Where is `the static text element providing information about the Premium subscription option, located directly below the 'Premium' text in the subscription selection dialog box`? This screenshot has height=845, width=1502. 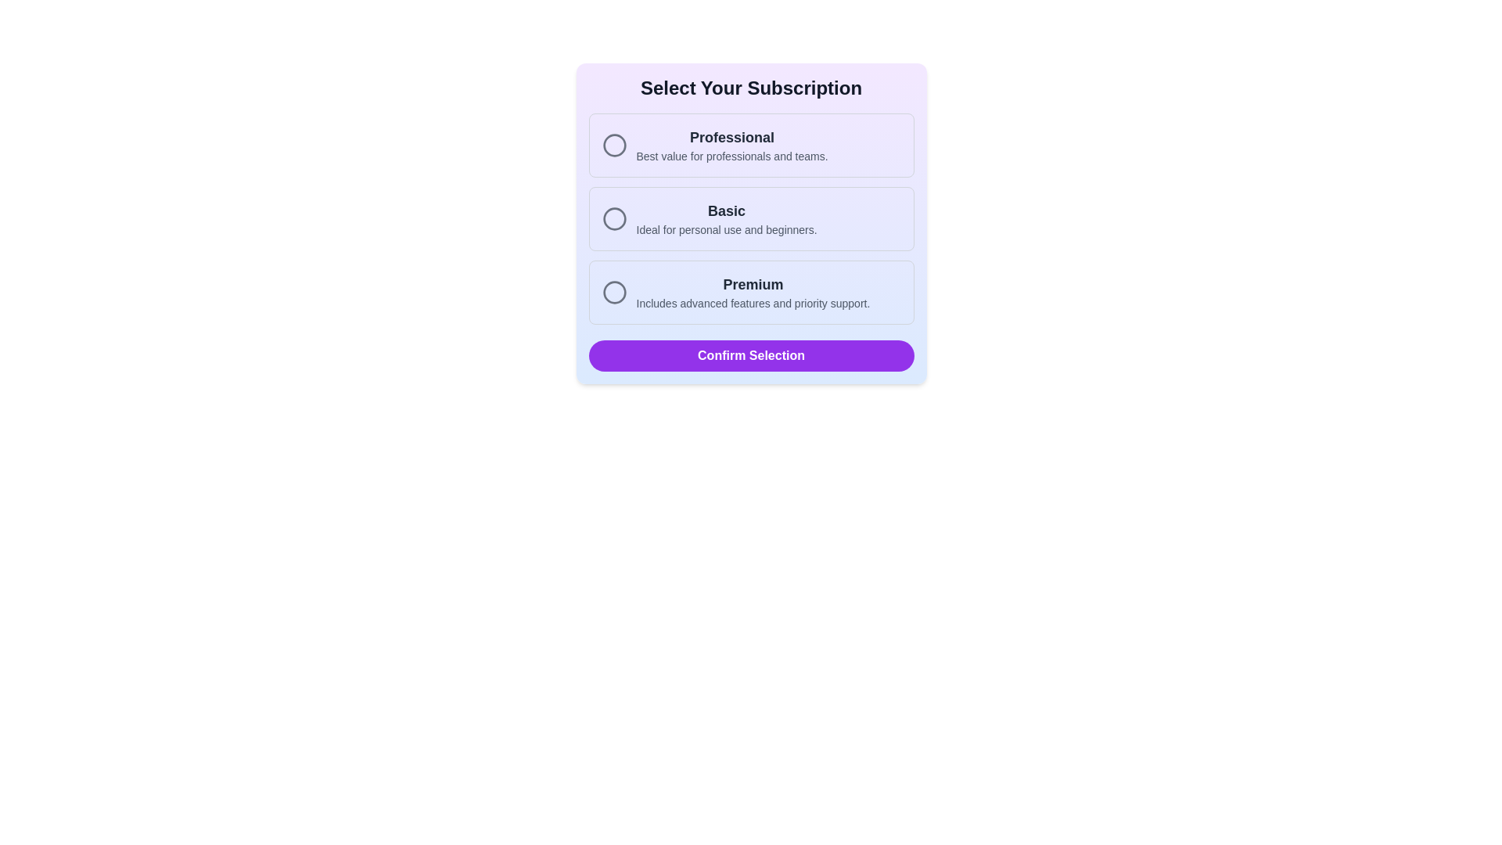 the static text element providing information about the Premium subscription option, located directly below the 'Premium' text in the subscription selection dialog box is located at coordinates (753, 304).